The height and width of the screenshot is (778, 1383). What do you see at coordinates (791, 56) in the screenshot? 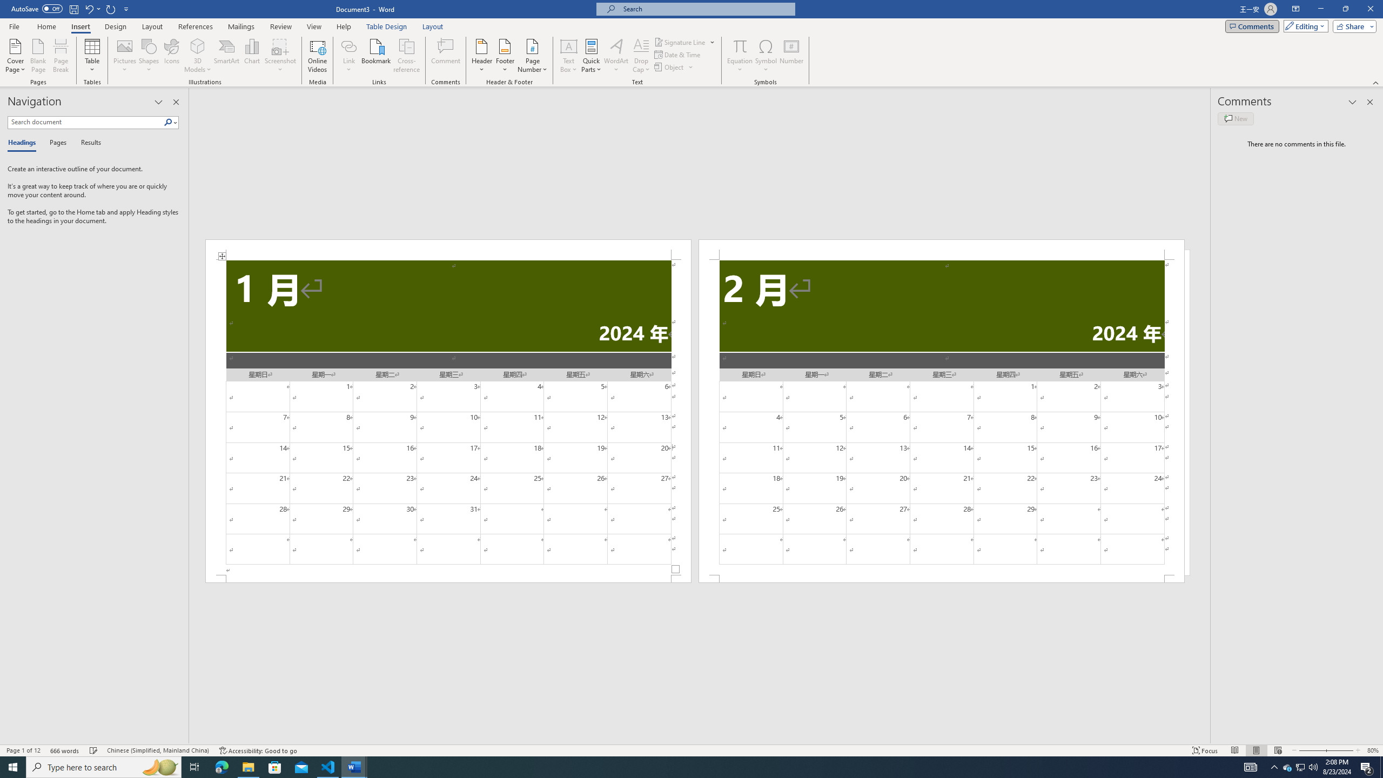
I see `'Number...'` at bounding box center [791, 56].